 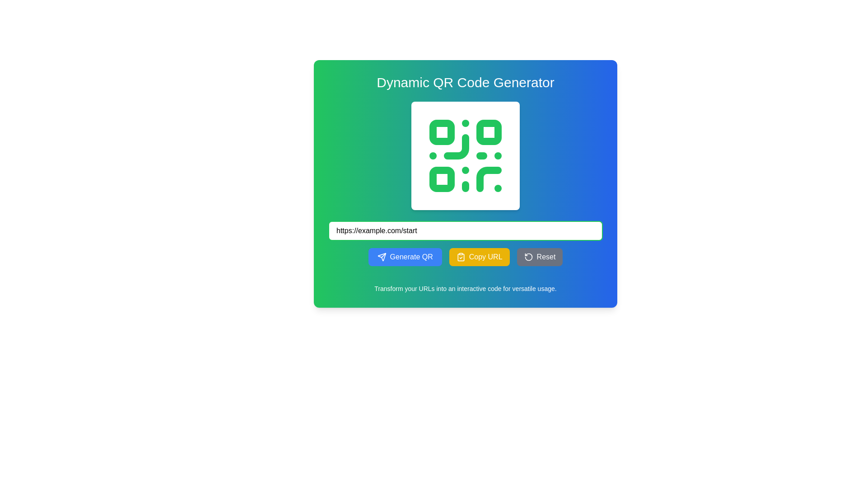 I want to click on the diagonal line segment of the SVG icon located in the bottom-right section of the interface, so click(x=383, y=255).